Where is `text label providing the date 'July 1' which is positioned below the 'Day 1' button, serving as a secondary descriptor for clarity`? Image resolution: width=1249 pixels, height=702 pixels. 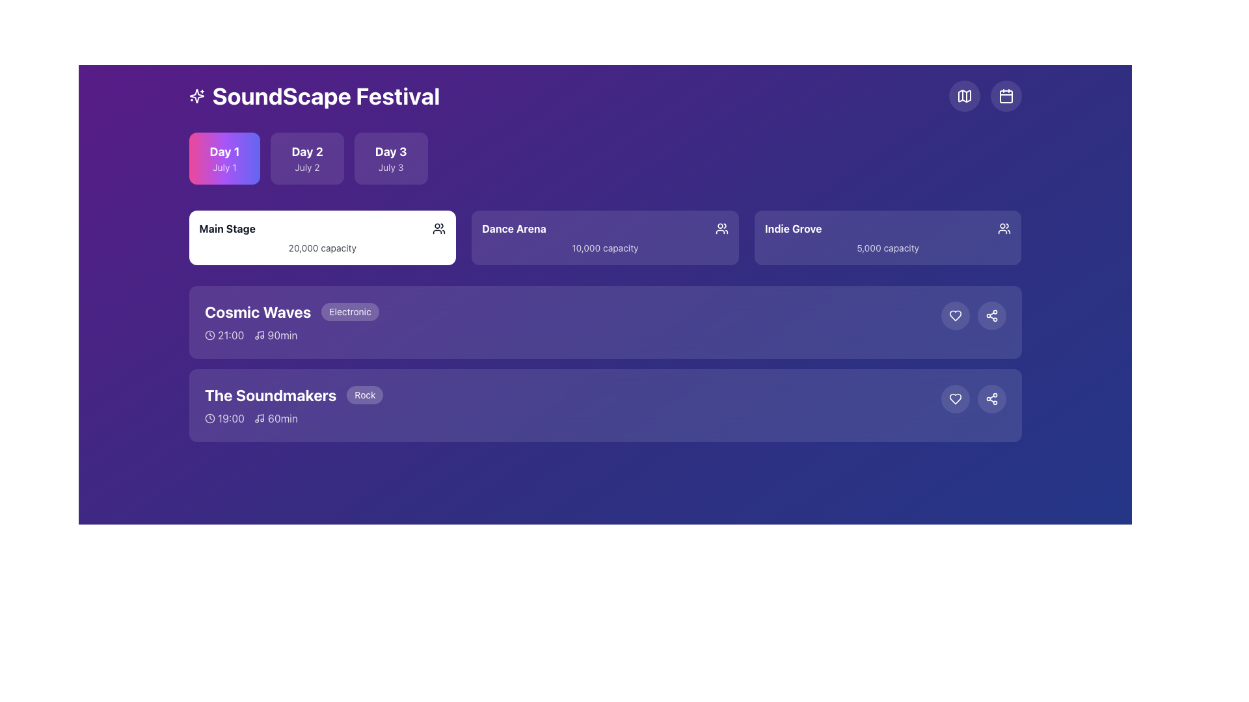
text label providing the date 'July 1' which is positioned below the 'Day 1' button, serving as a secondary descriptor for clarity is located at coordinates (224, 167).